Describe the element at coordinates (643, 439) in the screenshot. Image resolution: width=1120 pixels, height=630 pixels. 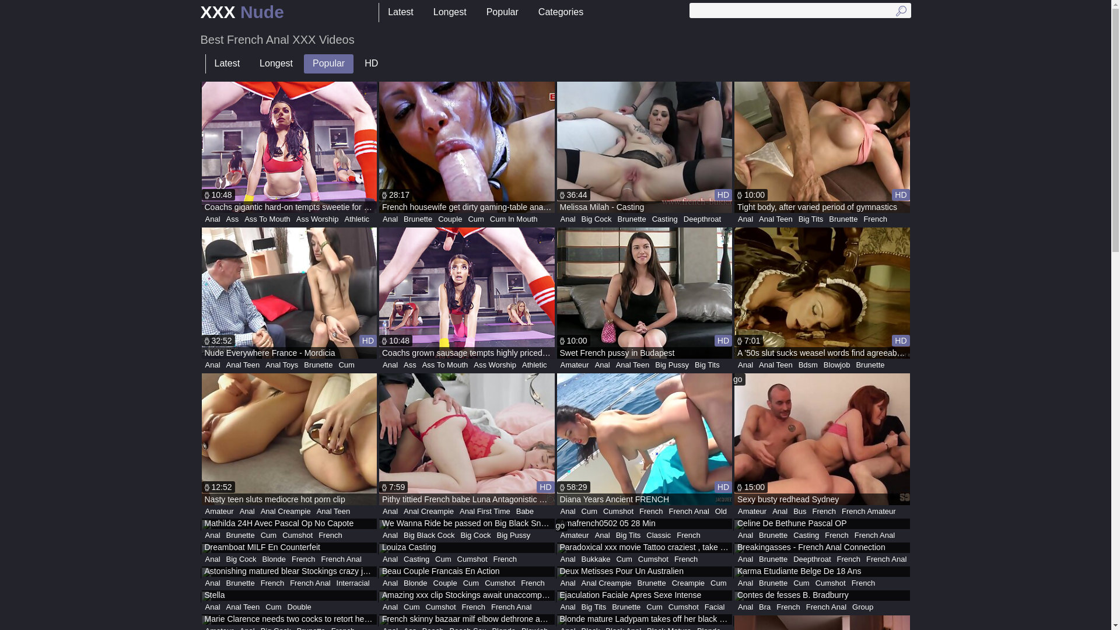
I see `'Diana Years Ancient FRENCH` at that location.